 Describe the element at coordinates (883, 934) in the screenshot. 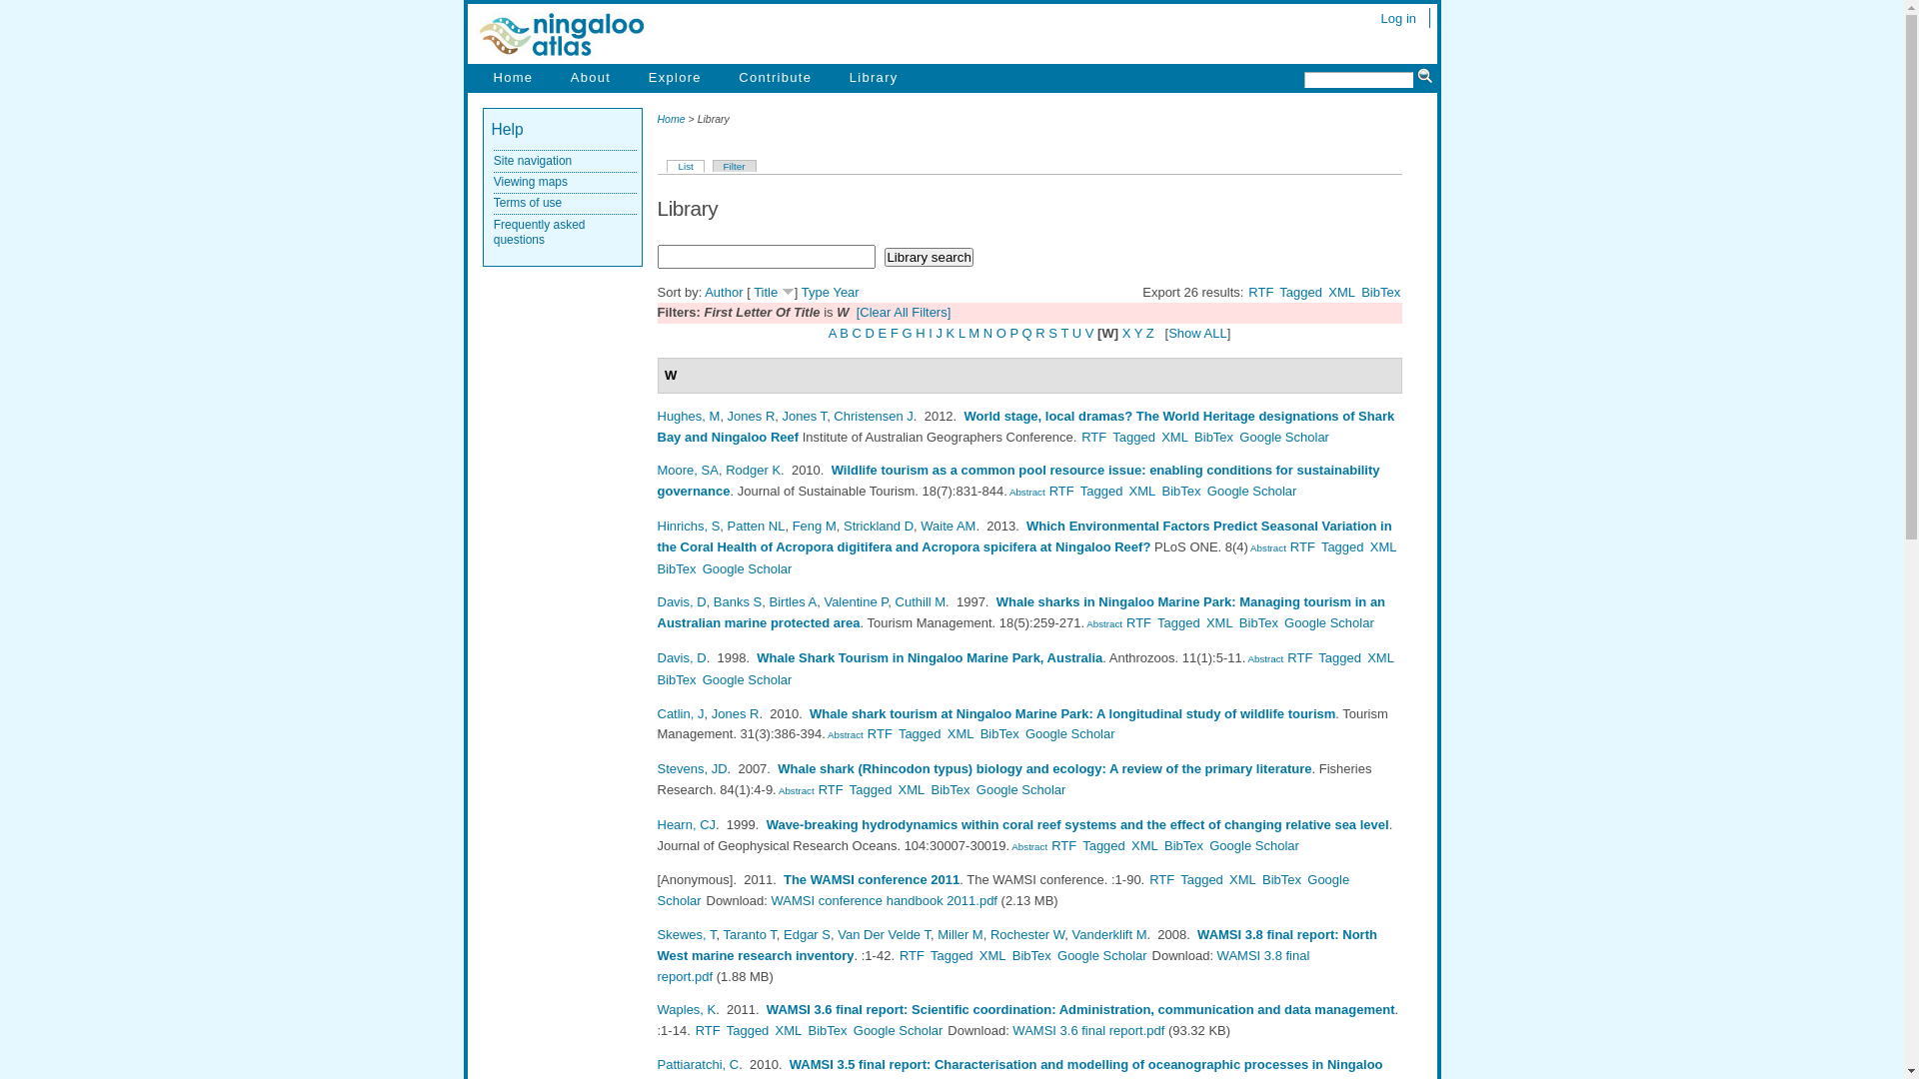

I see `'Van Der Velde T'` at that location.